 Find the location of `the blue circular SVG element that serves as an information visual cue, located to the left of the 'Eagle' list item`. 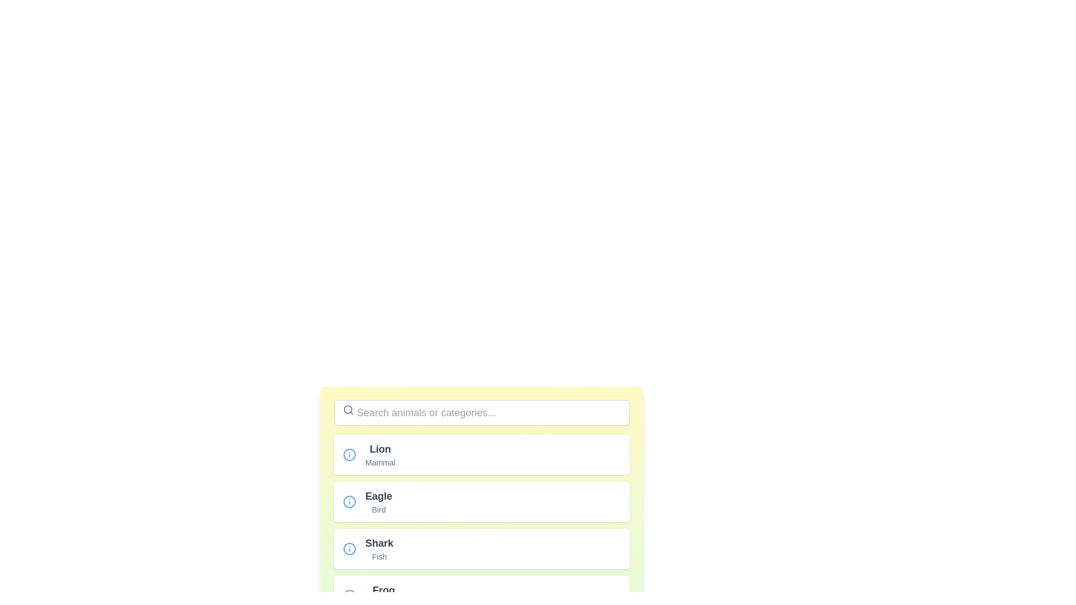

the blue circular SVG element that serves as an information visual cue, located to the left of the 'Eagle' list item is located at coordinates (349, 455).